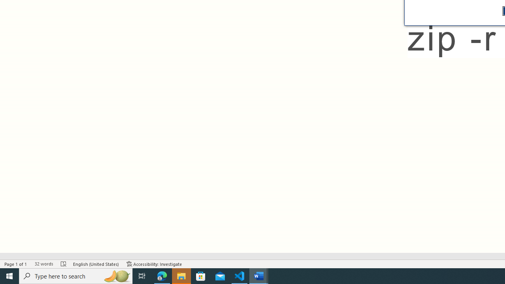  Describe the element at coordinates (162, 275) in the screenshot. I see `'Microsoft Edge - 1 running window'` at that location.